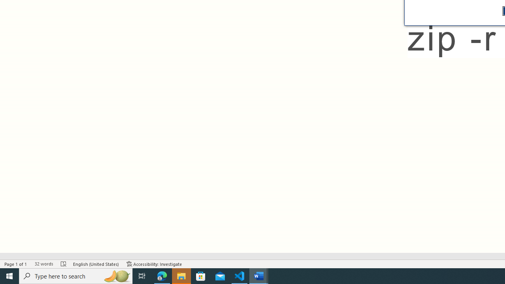  Describe the element at coordinates (162, 275) in the screenshot. I see `'Microsoft Edge - 1 running window'` at that location.